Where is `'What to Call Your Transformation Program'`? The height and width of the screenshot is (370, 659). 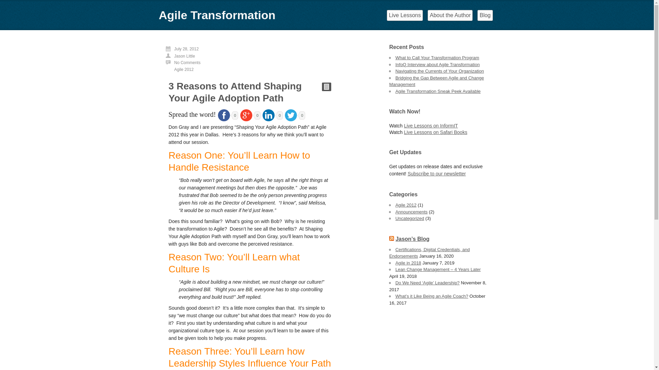
'What to Call Your Transformation Program' is located at coordinates (395, 57).